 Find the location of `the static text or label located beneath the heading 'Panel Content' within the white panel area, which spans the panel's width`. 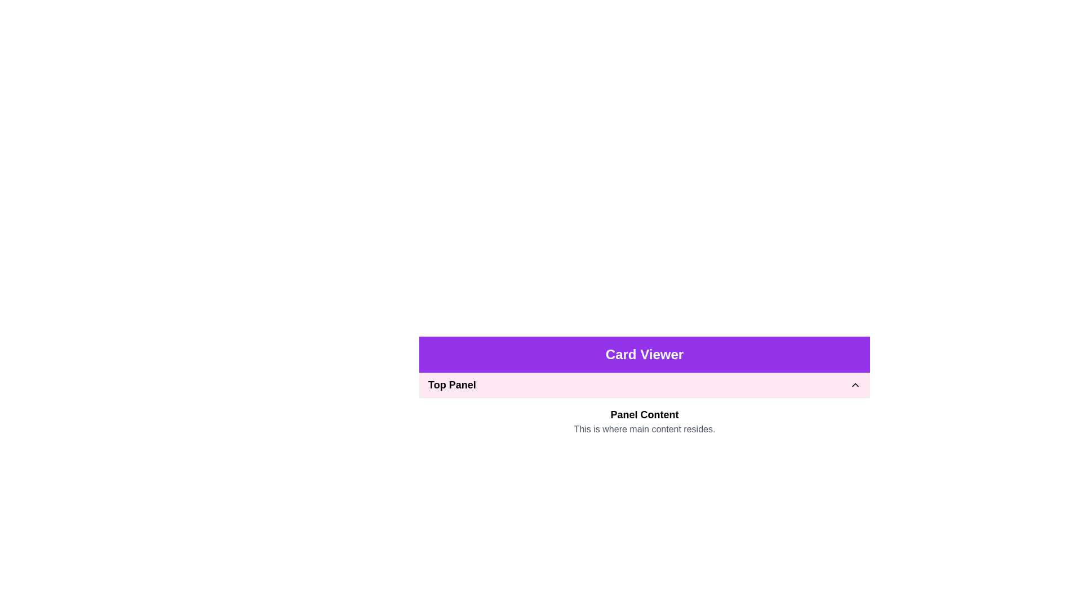

the static text or label located beneath the heading 'Panel Content' within the white panel area, which spans the panel's width is located at coordinates (644, 430).